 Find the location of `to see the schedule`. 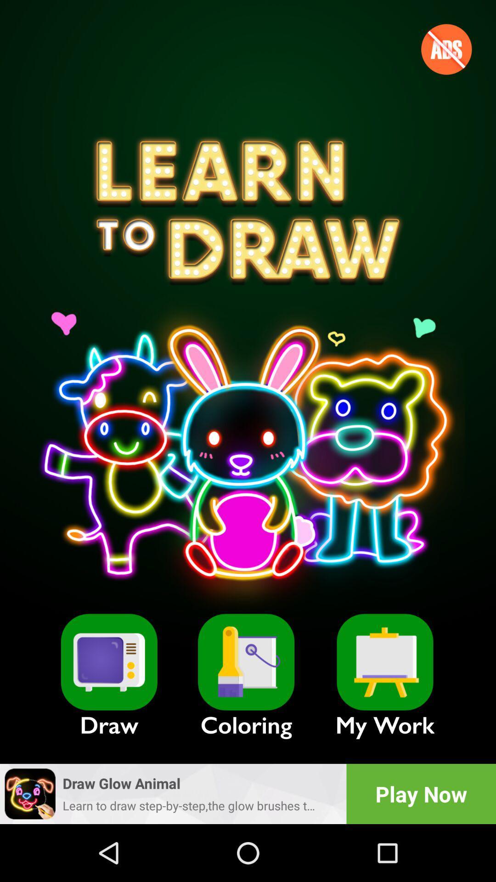

to see the schedule is located at coordinates (385, 662).